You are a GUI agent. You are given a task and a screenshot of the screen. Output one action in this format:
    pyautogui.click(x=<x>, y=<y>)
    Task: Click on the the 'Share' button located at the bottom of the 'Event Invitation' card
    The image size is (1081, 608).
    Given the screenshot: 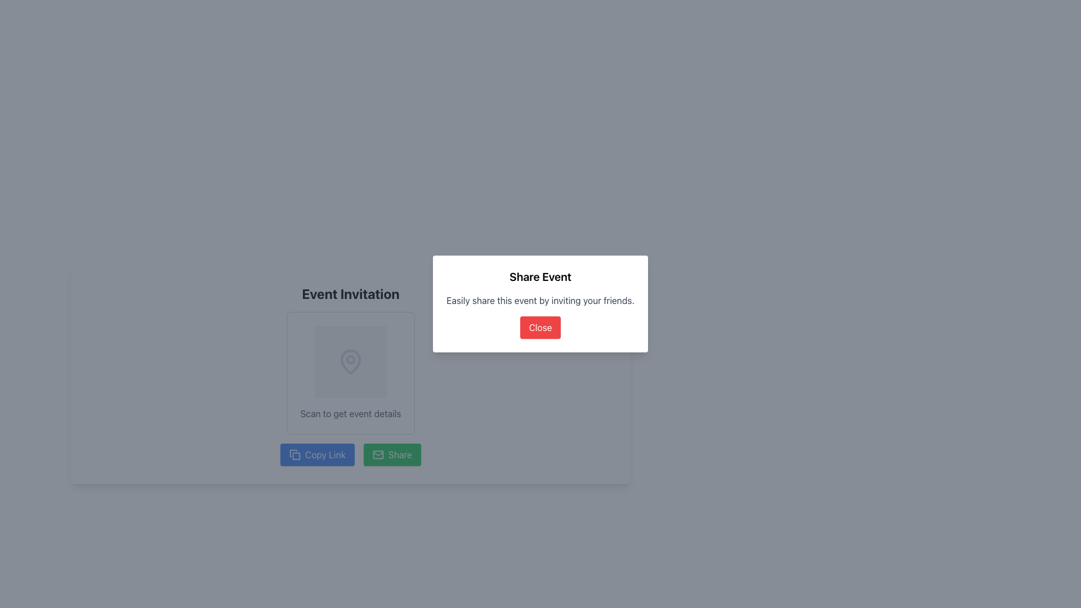 What is the action you would take?
    pyautogui.click(x=350, y=454)
    